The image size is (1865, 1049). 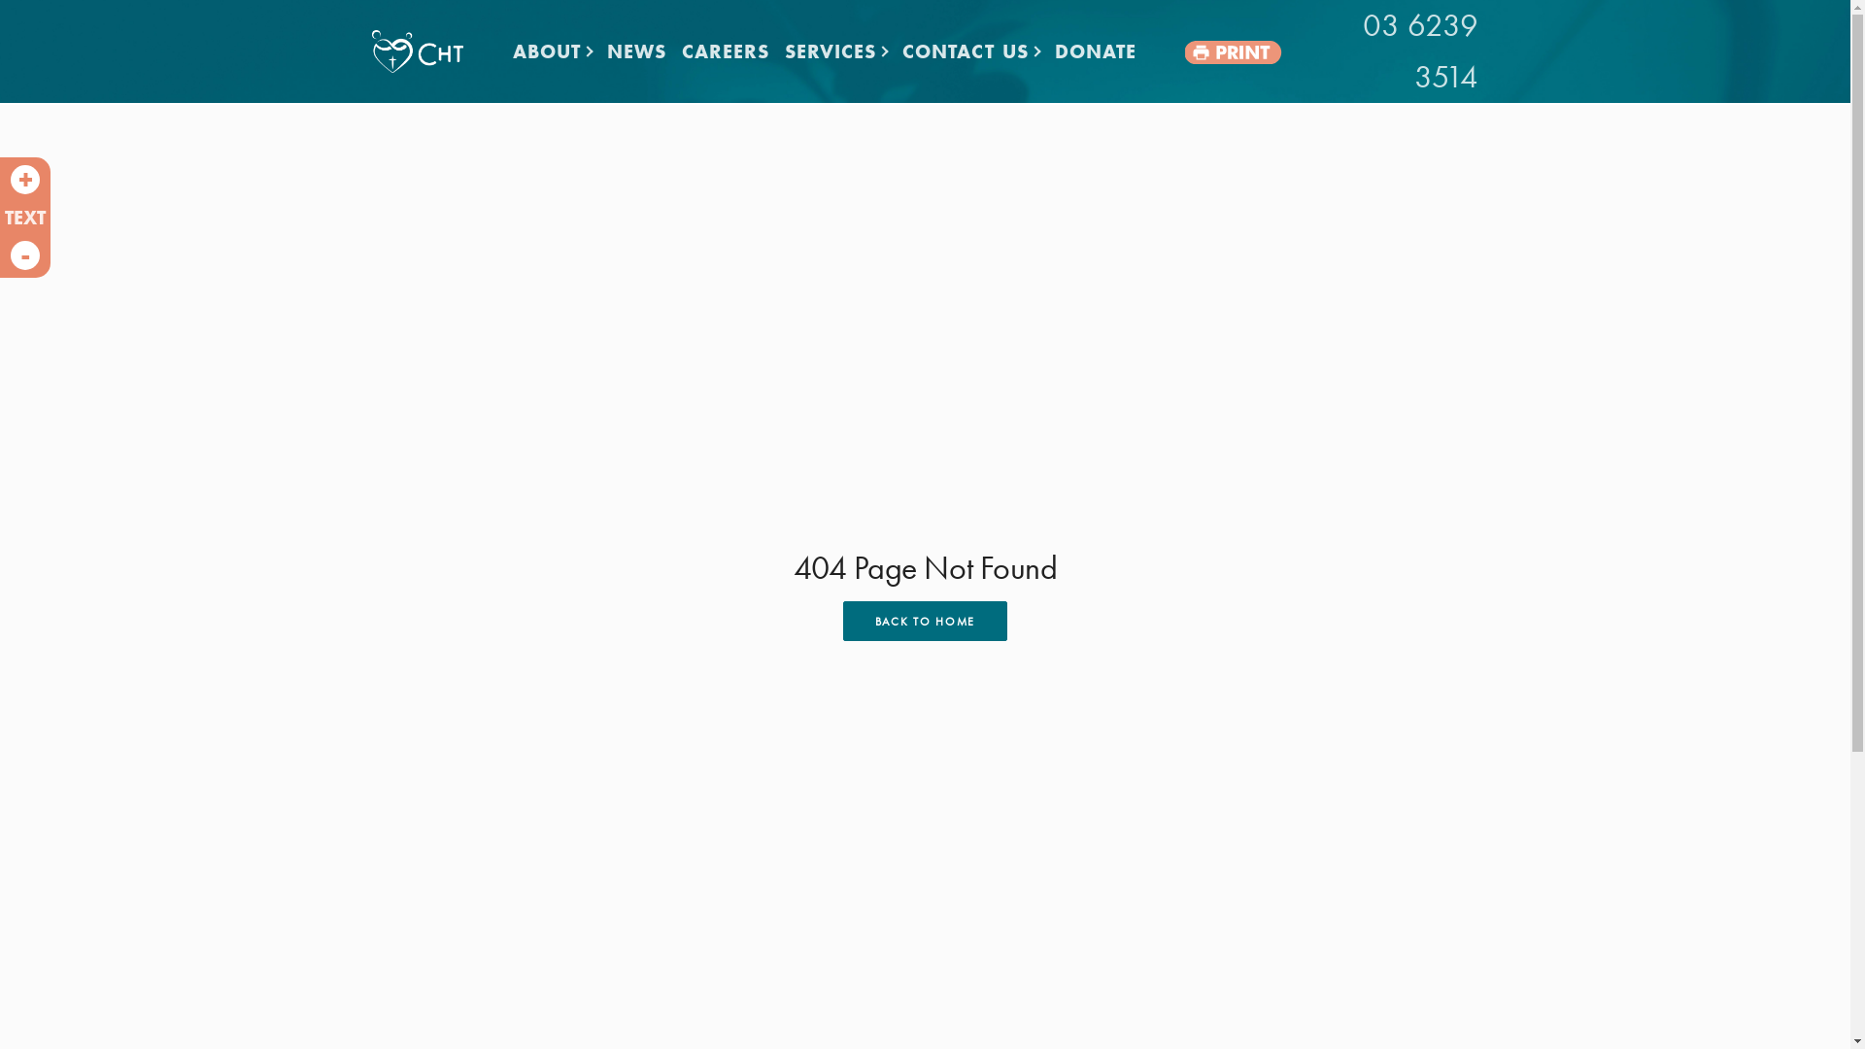 What do you see at coordinates (1384, 51) in the screenshot?
I see `'03 6239 3514'` at bounding box center [1384, 51].